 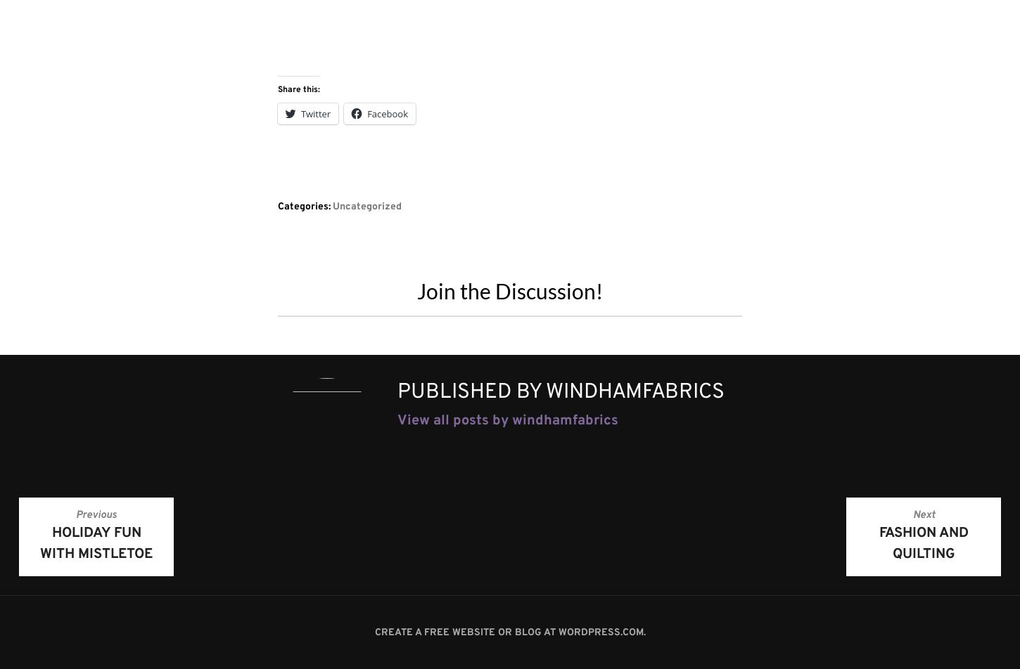 What do you see at coordinates (367, 206) in the screenshot?
I see `'Uncategorized'` at bounding box center [367, 206].